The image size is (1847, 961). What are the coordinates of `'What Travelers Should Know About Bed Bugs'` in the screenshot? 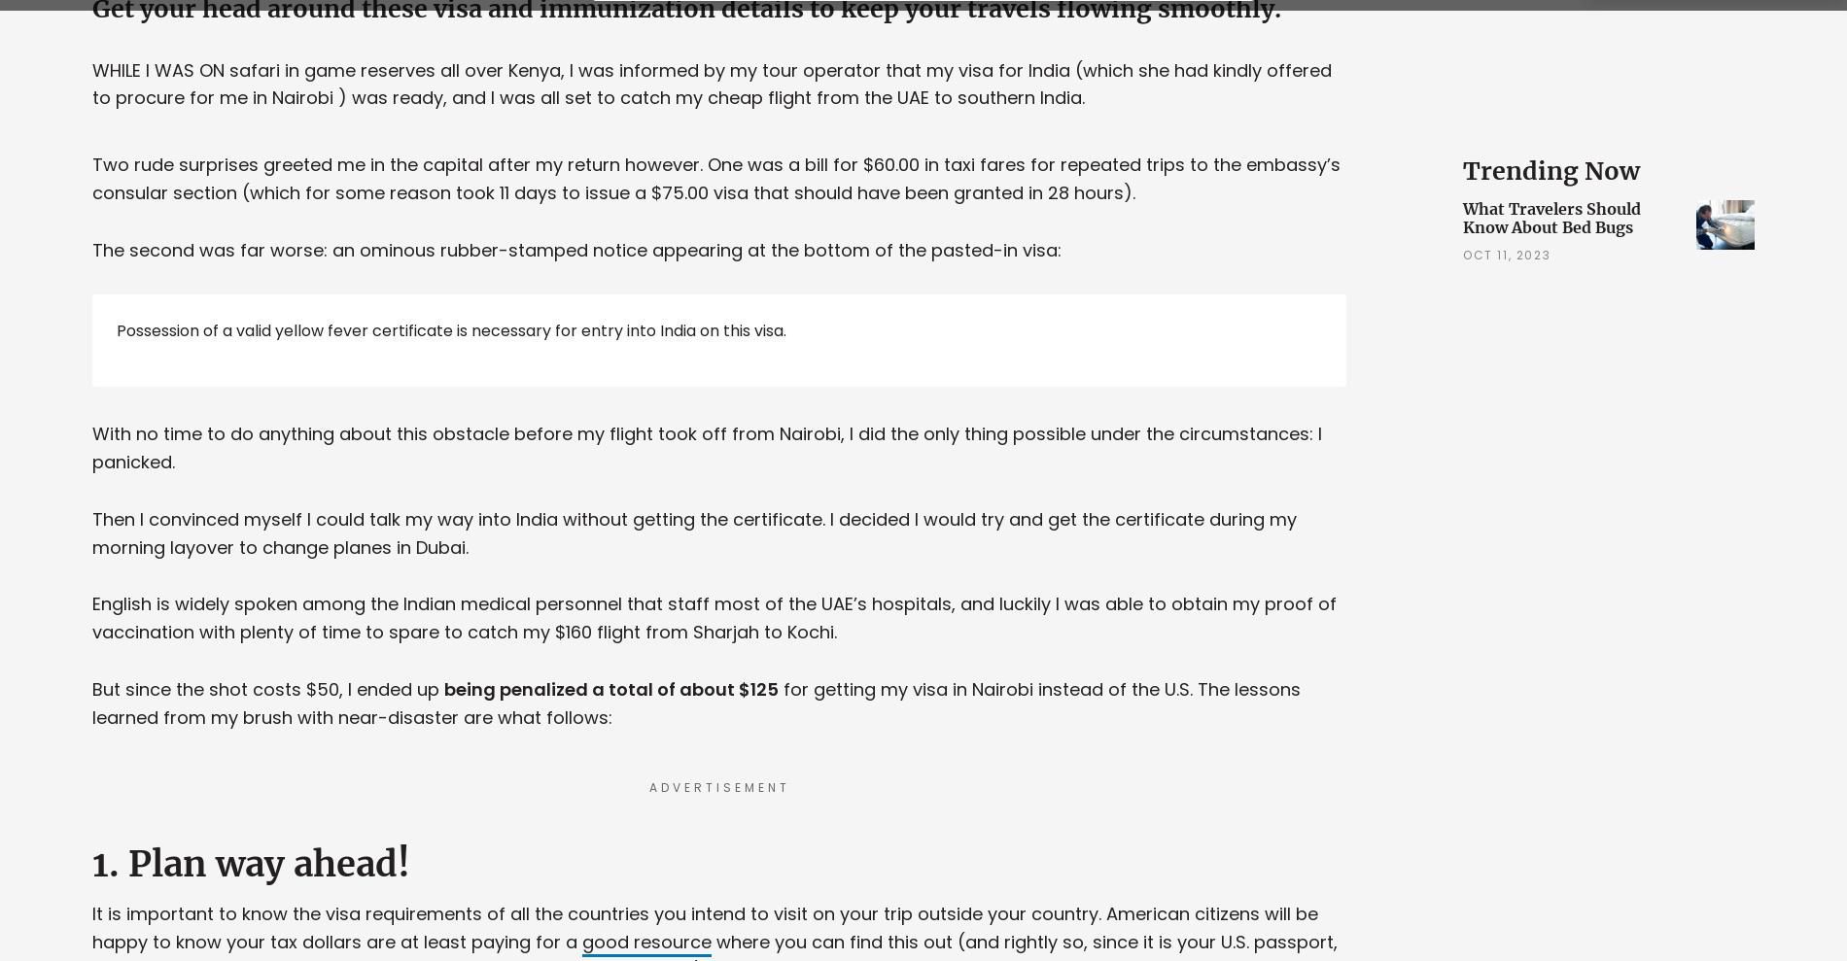 It's located at (1551, 217).